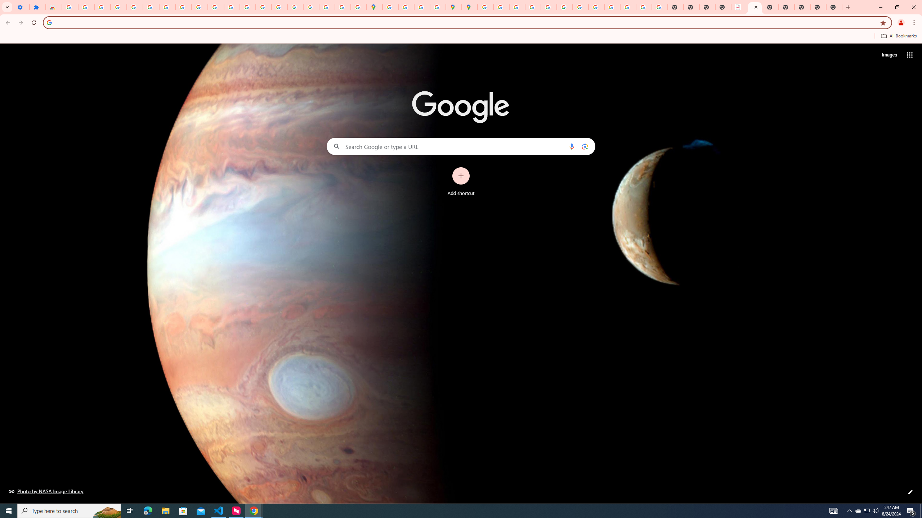 This screenshot has width=922, height=518. I want to click on 'Privacy Help Center - Policies Help', so click(533, 7).